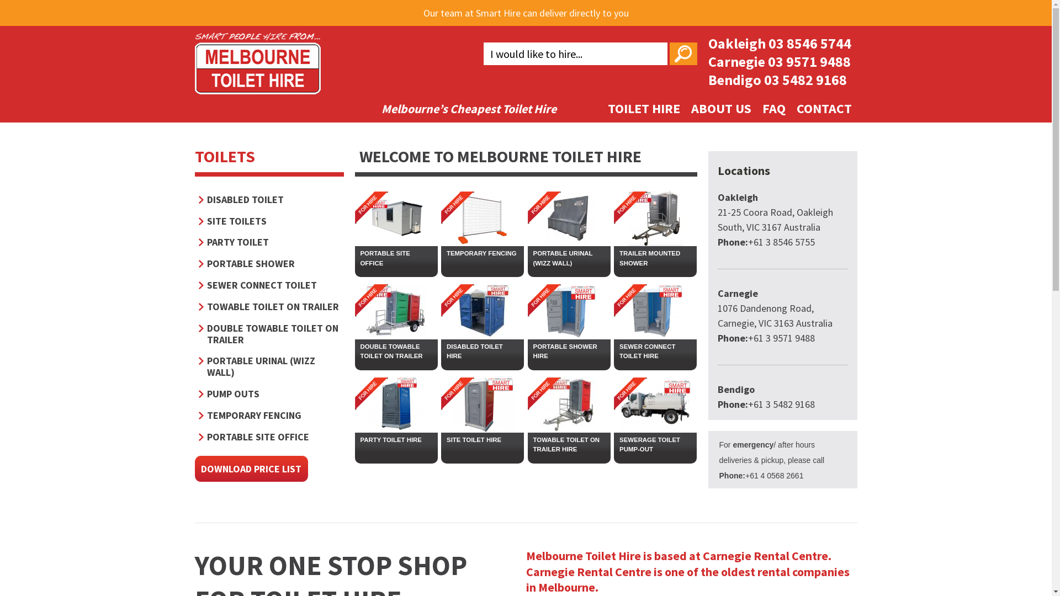 The width and height of the screenshot is (1060, 596). What do you see at coordinates (354, 351) in the screenshot?
I see `'DOUBLE TOWABLE TOILET ON TRAILER'` at bounding box center [354, 351].